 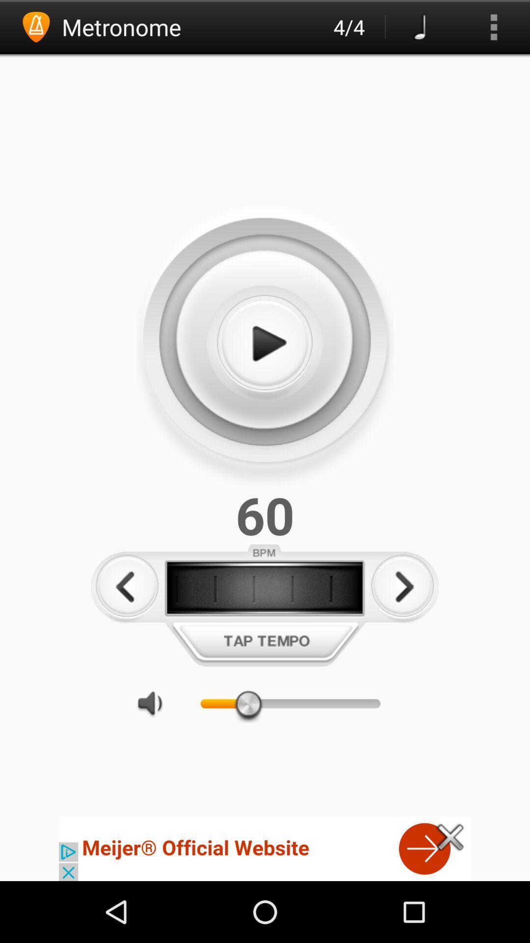 I want to click on mute volume, so click(x=155, y=703).